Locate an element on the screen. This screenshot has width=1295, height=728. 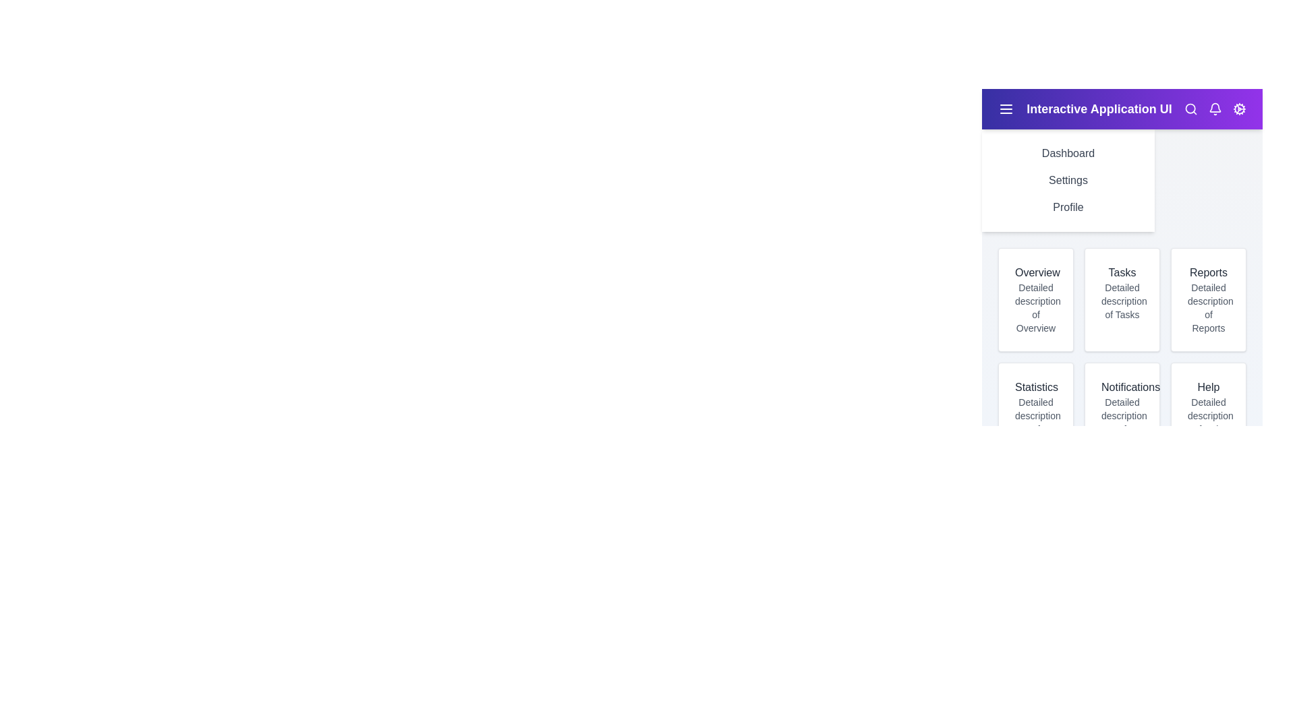
the Tasks card to interact with its content is located at coordinates (1122, 299).